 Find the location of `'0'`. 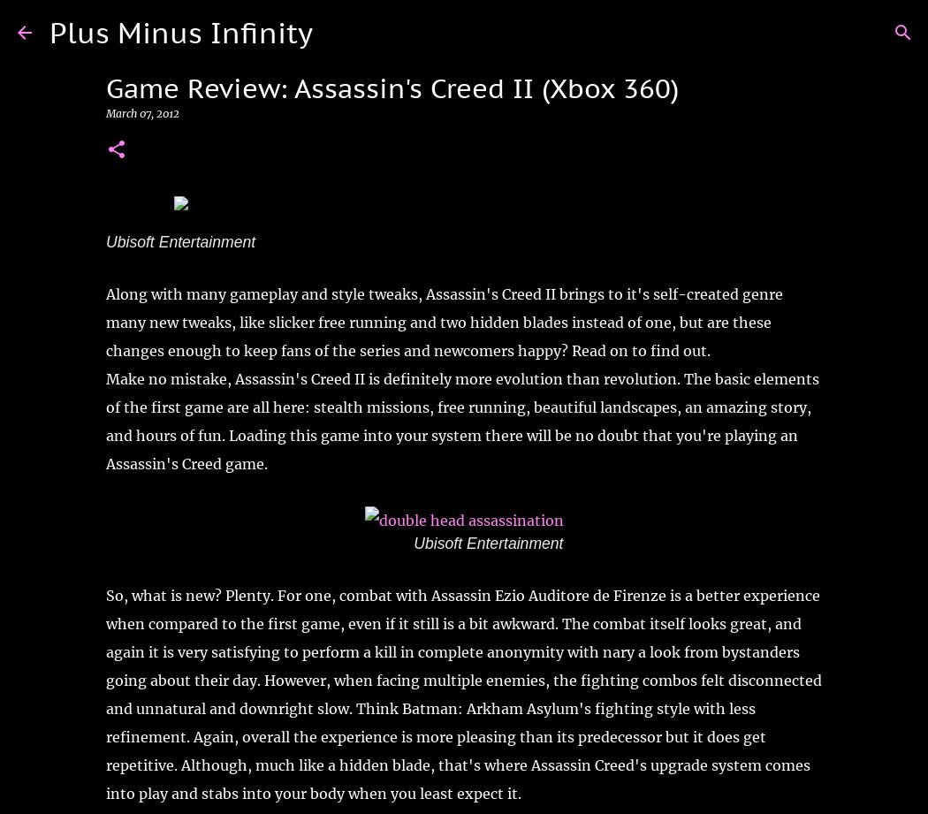

'0' is located at coordinates (125, 253).